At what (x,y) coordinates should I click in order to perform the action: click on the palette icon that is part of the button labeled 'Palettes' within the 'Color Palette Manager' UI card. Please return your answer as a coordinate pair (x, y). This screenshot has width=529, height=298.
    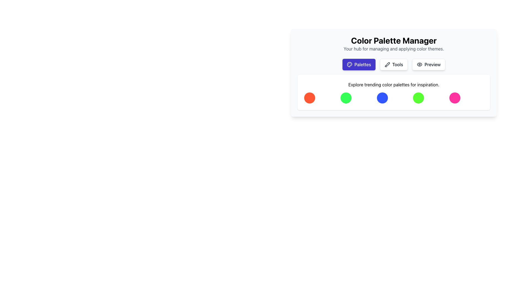
    Looking at the image, I should click on (349, 64).